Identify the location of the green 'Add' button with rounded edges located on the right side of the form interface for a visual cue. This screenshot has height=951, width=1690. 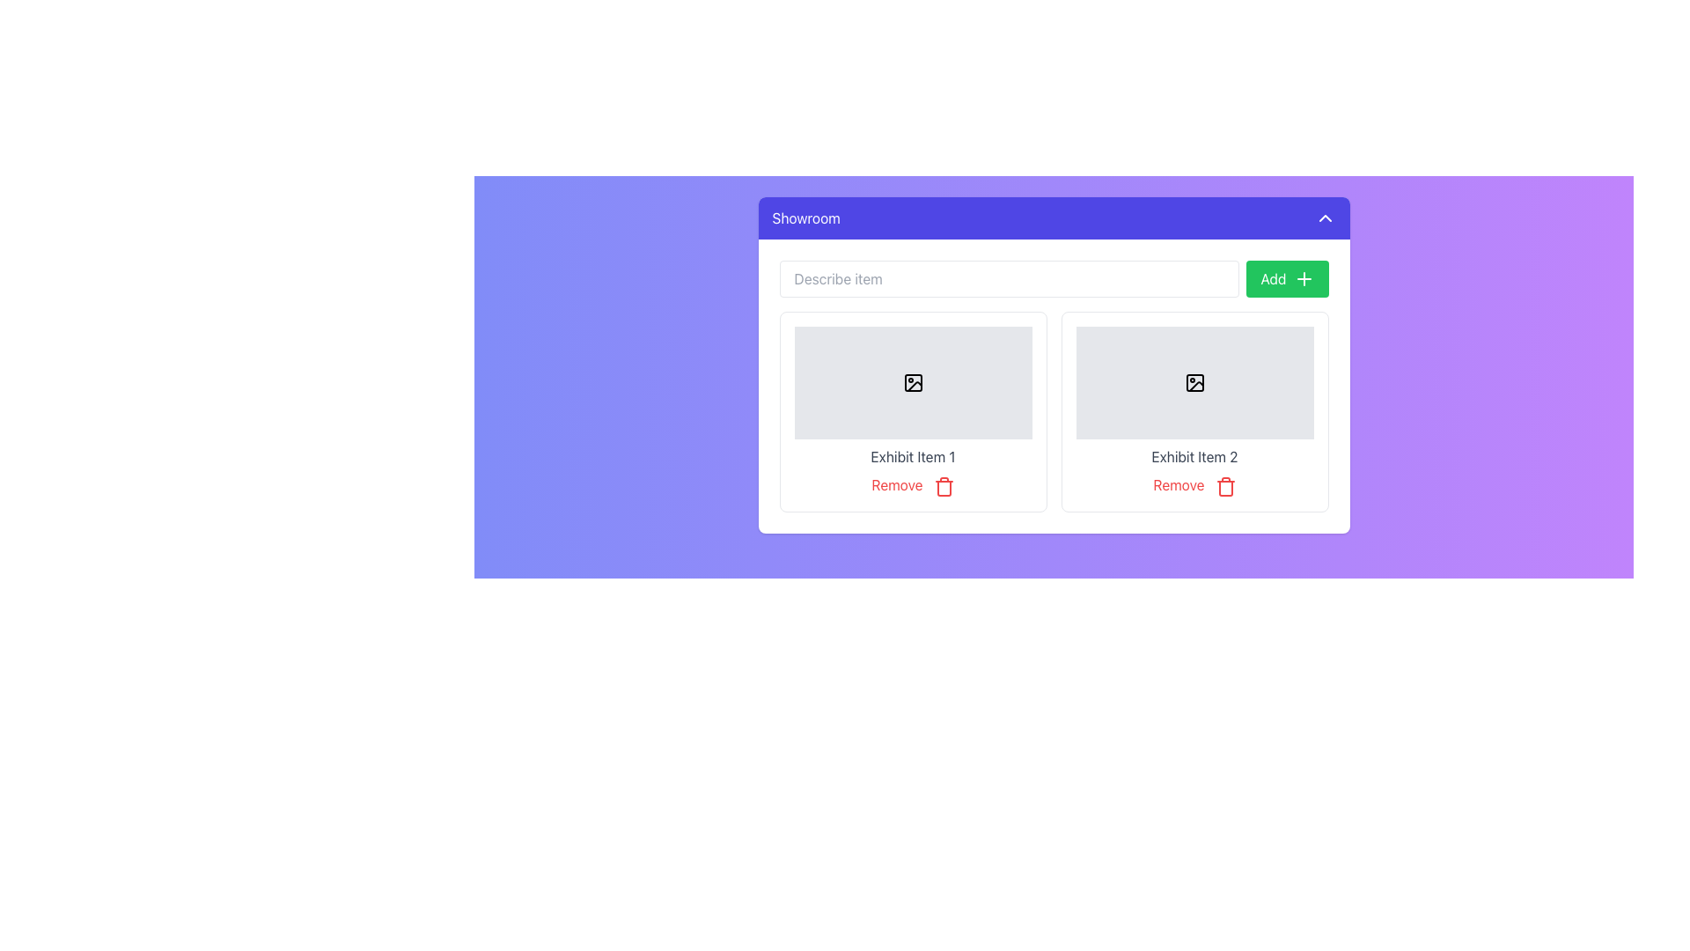
(1288, 277).